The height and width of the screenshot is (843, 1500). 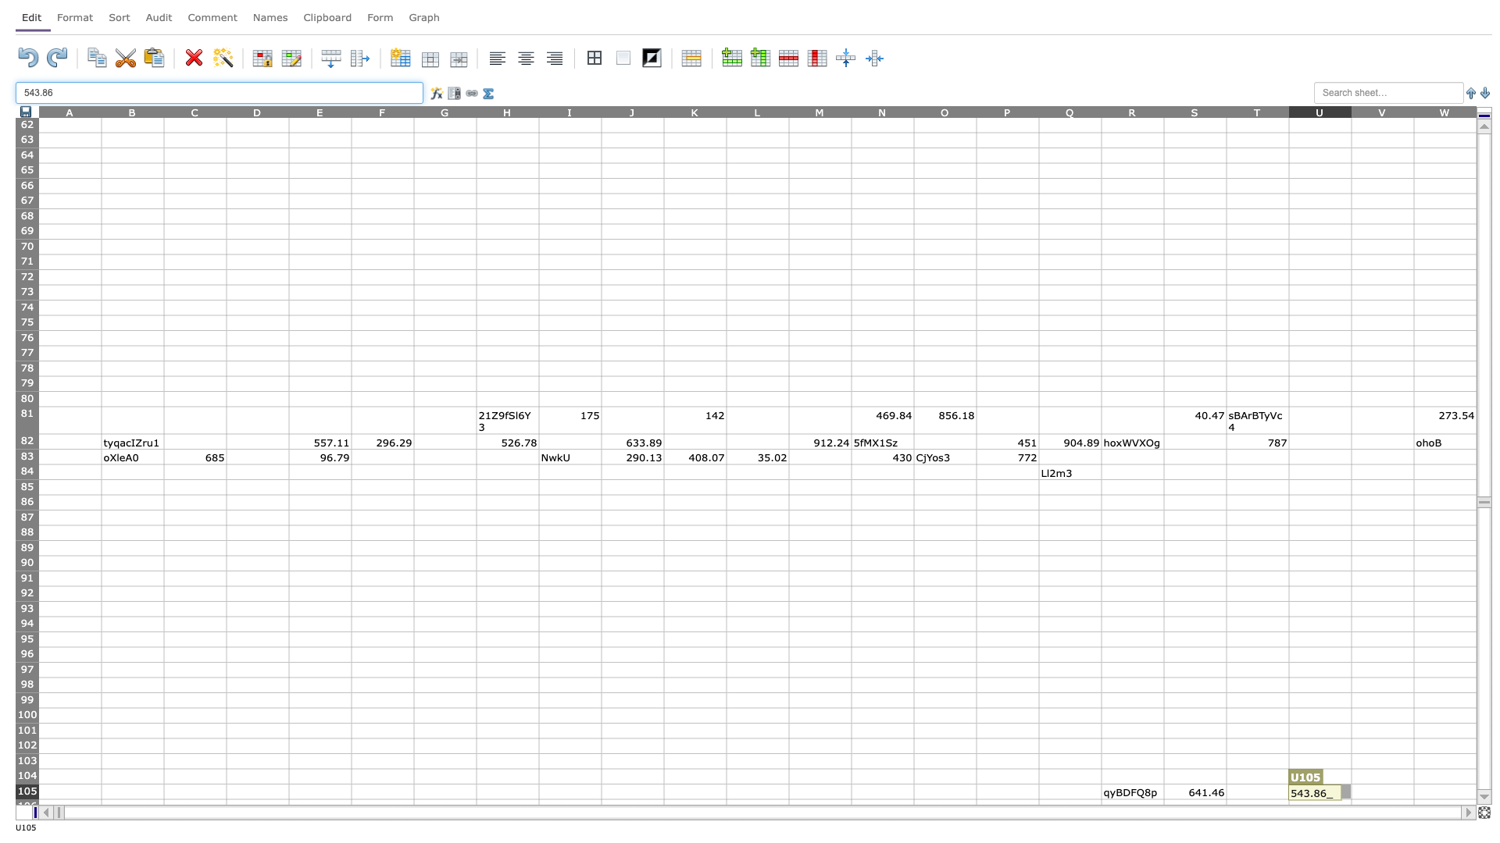 What do you see at coordinates (288, 806) in the screenshot?
I see `right edge of D106` at bounding box center [288, 806].